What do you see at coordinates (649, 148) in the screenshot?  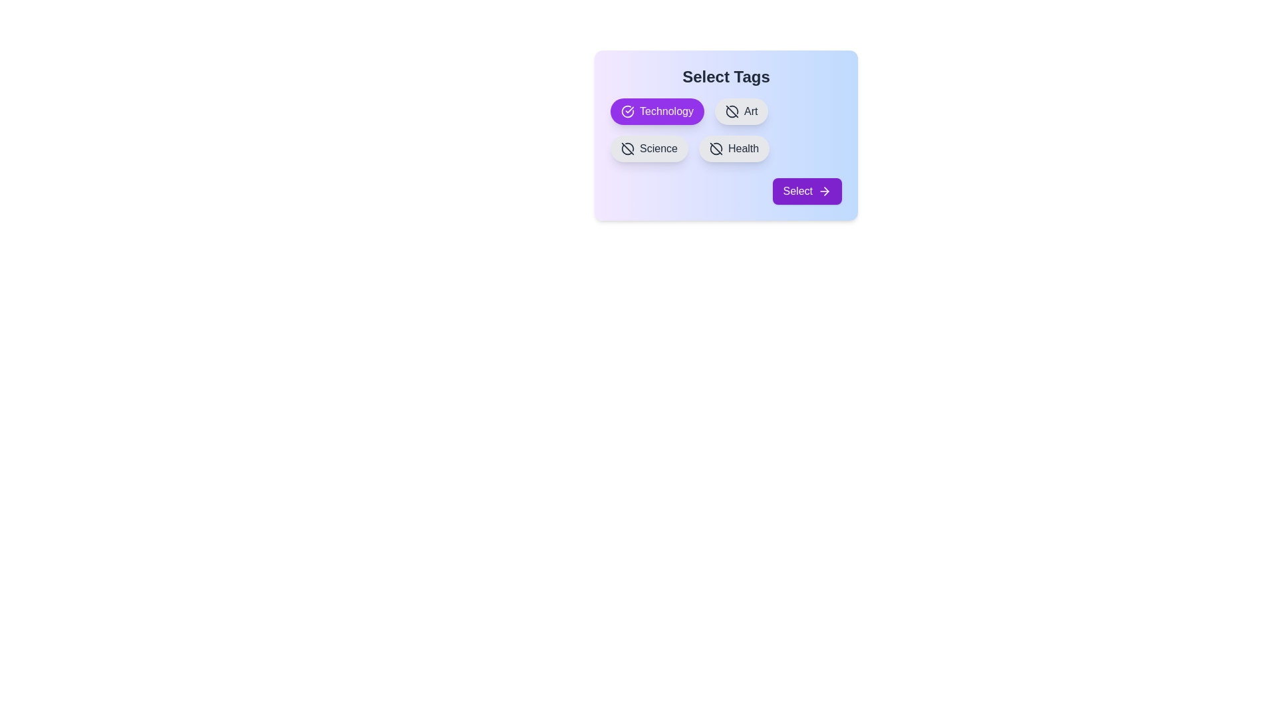 I see `the tag Science` at bounding box center [649, 148].